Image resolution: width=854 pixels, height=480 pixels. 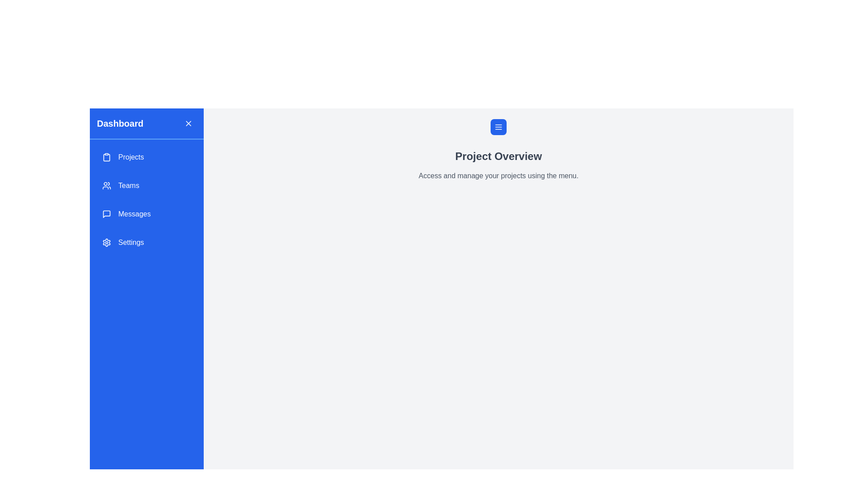 What do you see at coordinates (107, 185) in the screenshot?
I see `the blue outline graphic icon depicting a group of people, which is the leftmost icon in the navigation menu's 'Teams' row` at bounding box center [107, 185].